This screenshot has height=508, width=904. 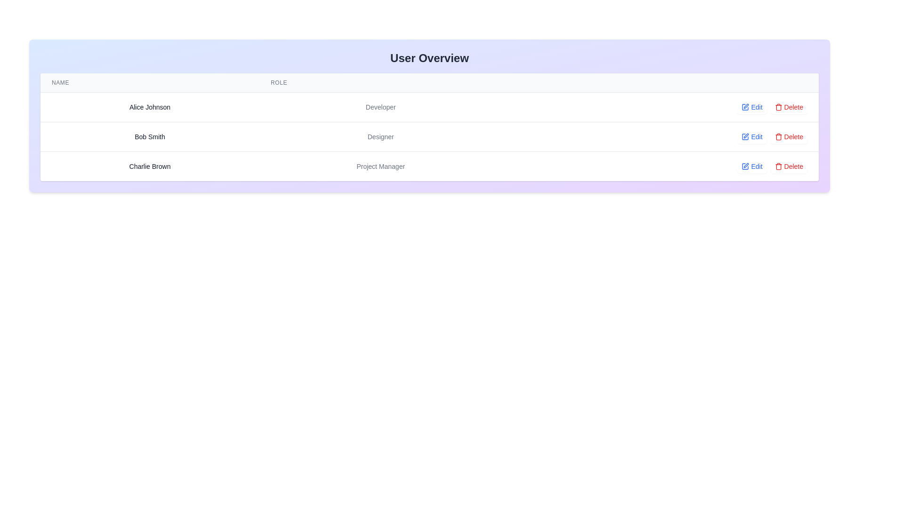 What do you see at coordinates (149, 106) in the screenshot?
I see `the text label displaying 'Alice Johnson' in the first row of the 'Name' column, styled in dark gray with a bold sans-serif font` at bounding box center [149, 106].